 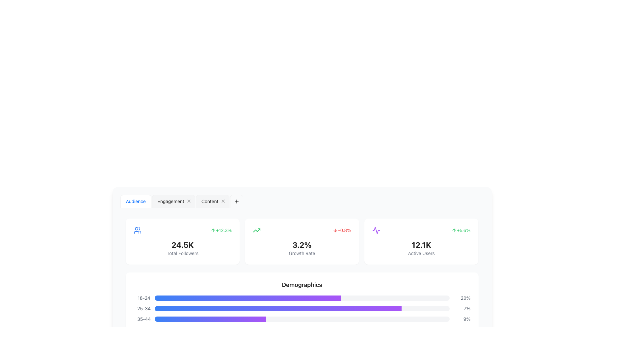 I want to click on the color transition of the progress bar that visually represents a proportion of 36.69% within the demographics chart, which has a gradient from blue to purple, so click(x=208, y=329).